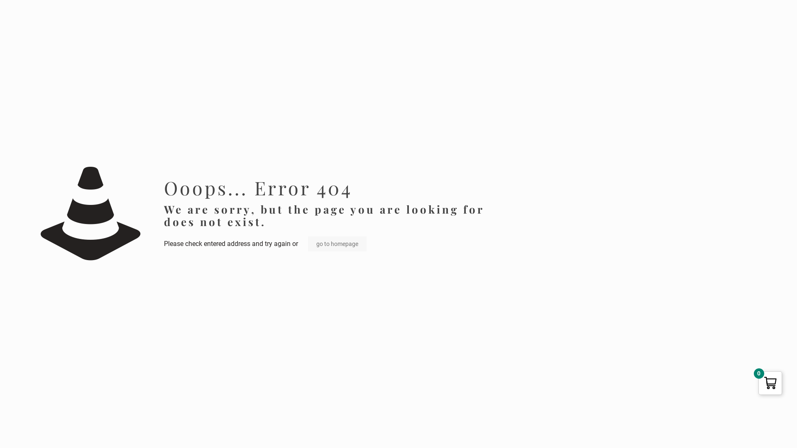  Describe the element at coordinates (337, 243) in the screenshot. I see `'go to homepage'` at that location.